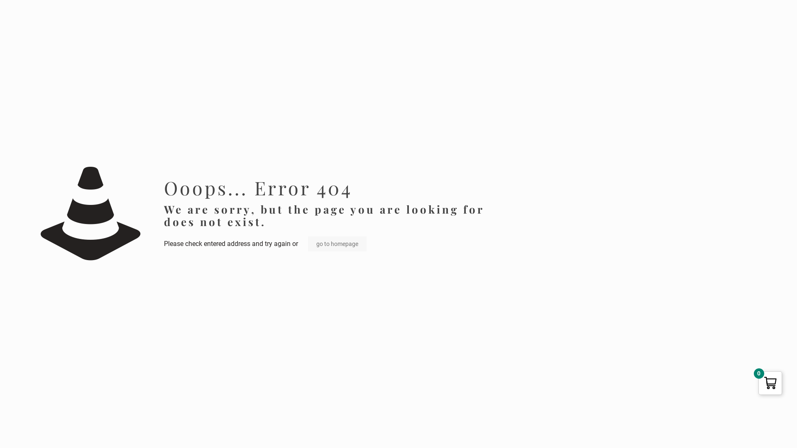  Describe the element at coordinates (337, 243) in the screenshot. I see `'go to homepage'` at that location.